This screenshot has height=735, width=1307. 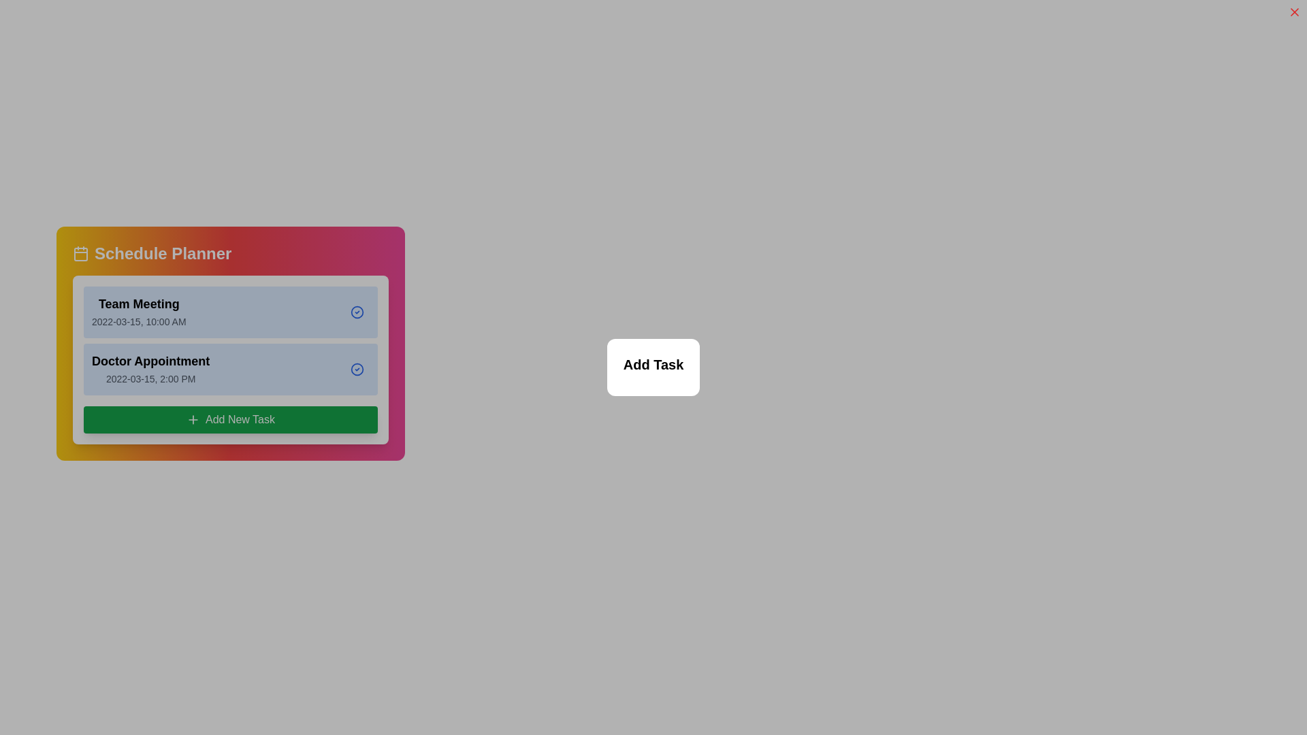 I want to click on the Text Display element that shows 'Doctor Appointment' and the date and time '2022-03-15, 2:00 PM', located in the 'Schedule Planner' panel below 'Team Meeting', so click(x=150, y=370).